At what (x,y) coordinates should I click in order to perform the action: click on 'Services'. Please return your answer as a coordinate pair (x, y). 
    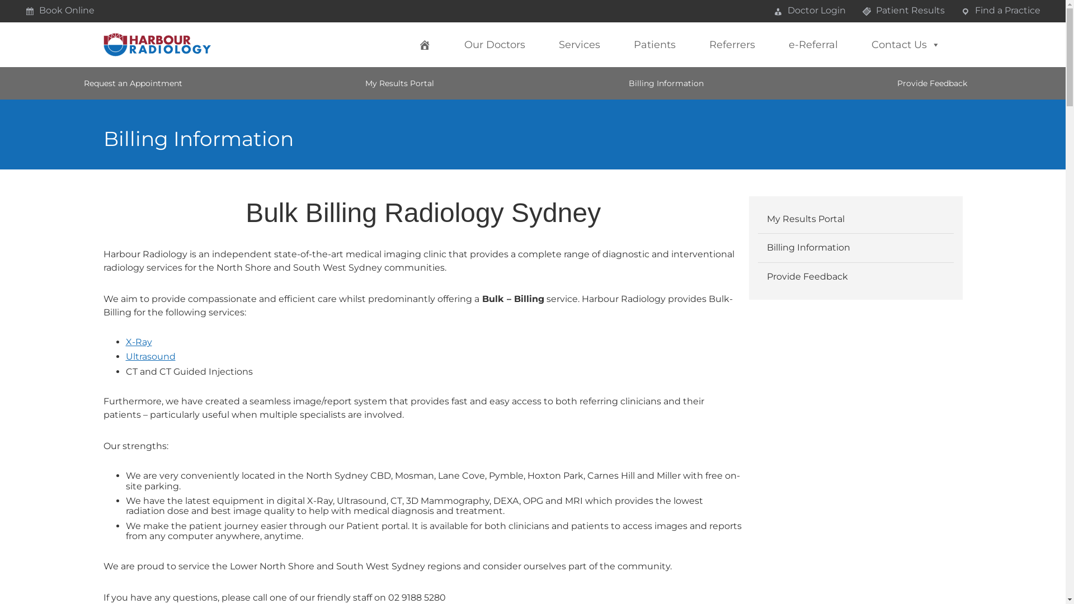
    Looking at the image, I should click on (579, 44).